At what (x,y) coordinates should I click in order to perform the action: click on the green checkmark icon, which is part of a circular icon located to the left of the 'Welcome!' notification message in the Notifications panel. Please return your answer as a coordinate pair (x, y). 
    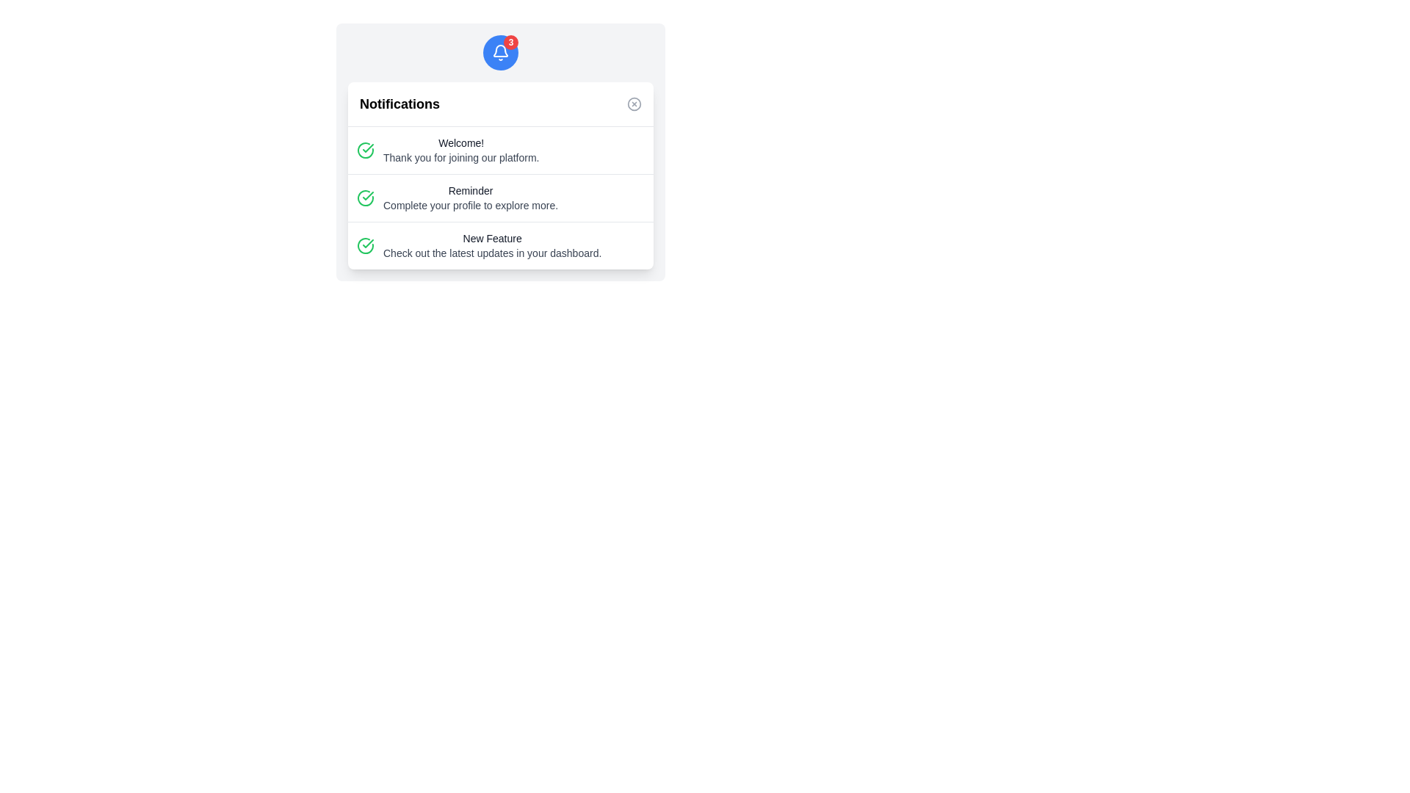
    Looking at the image, I should click on (368, 195).